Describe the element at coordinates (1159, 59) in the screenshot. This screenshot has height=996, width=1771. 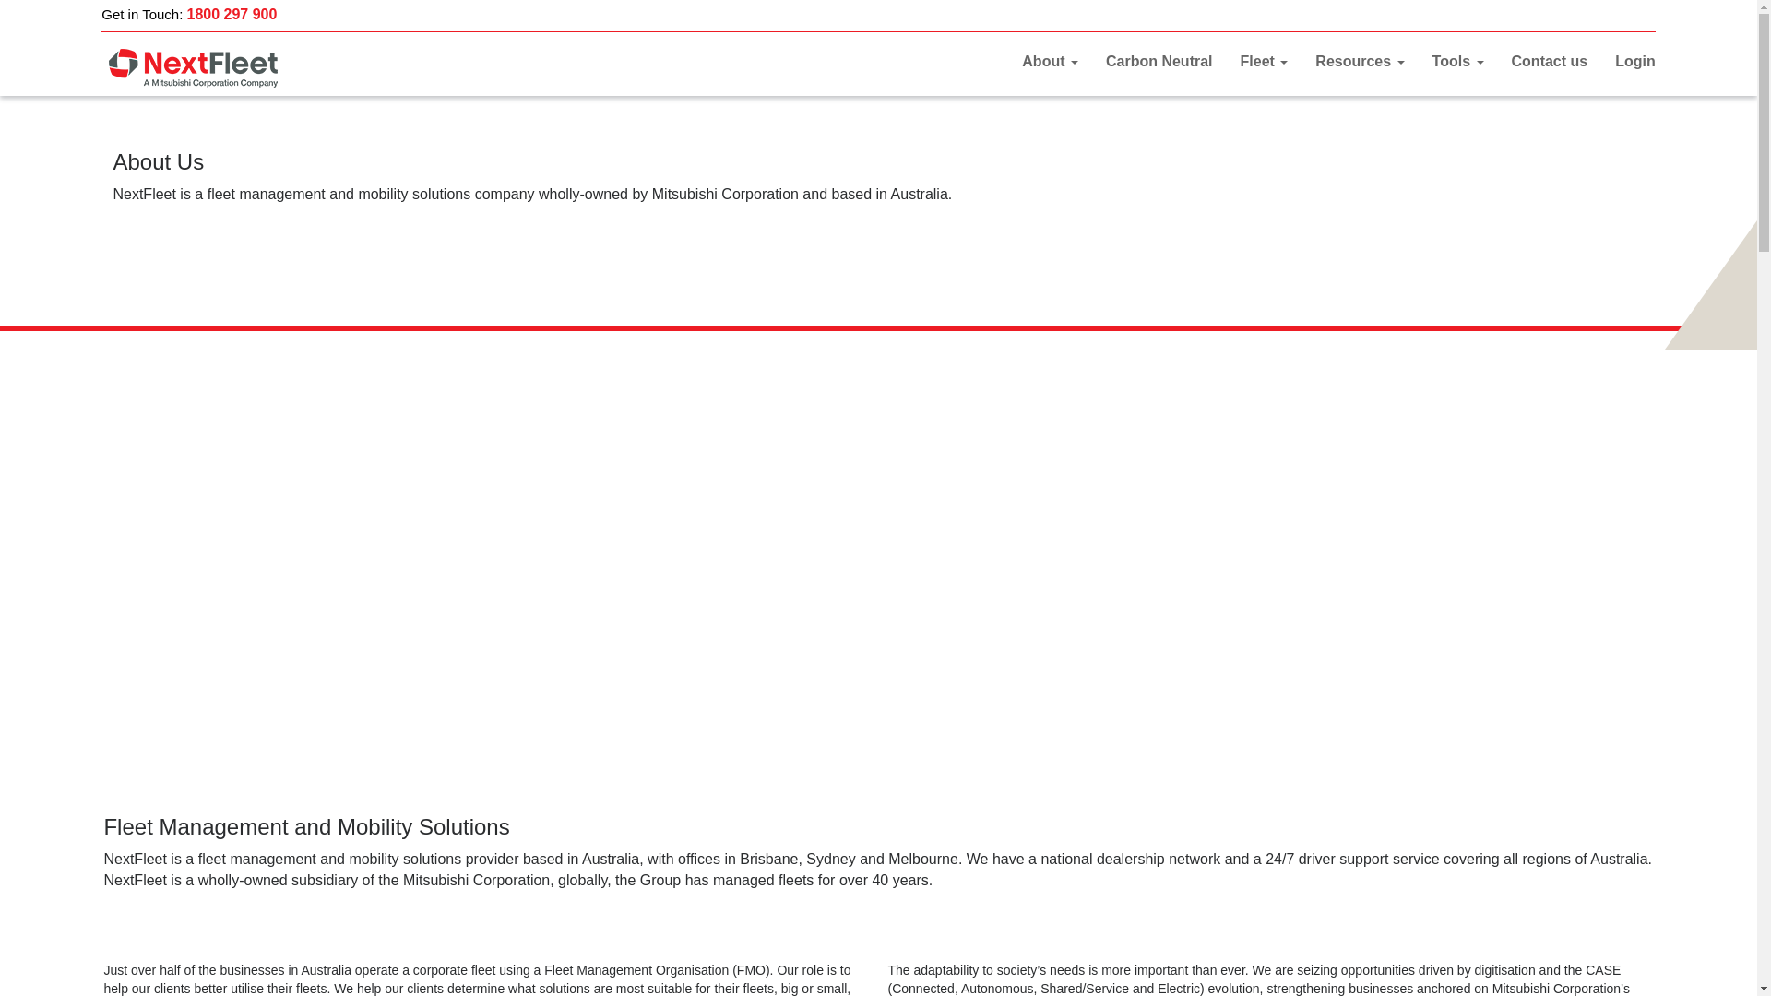
I see `'Carbon Neutral'` at that location.